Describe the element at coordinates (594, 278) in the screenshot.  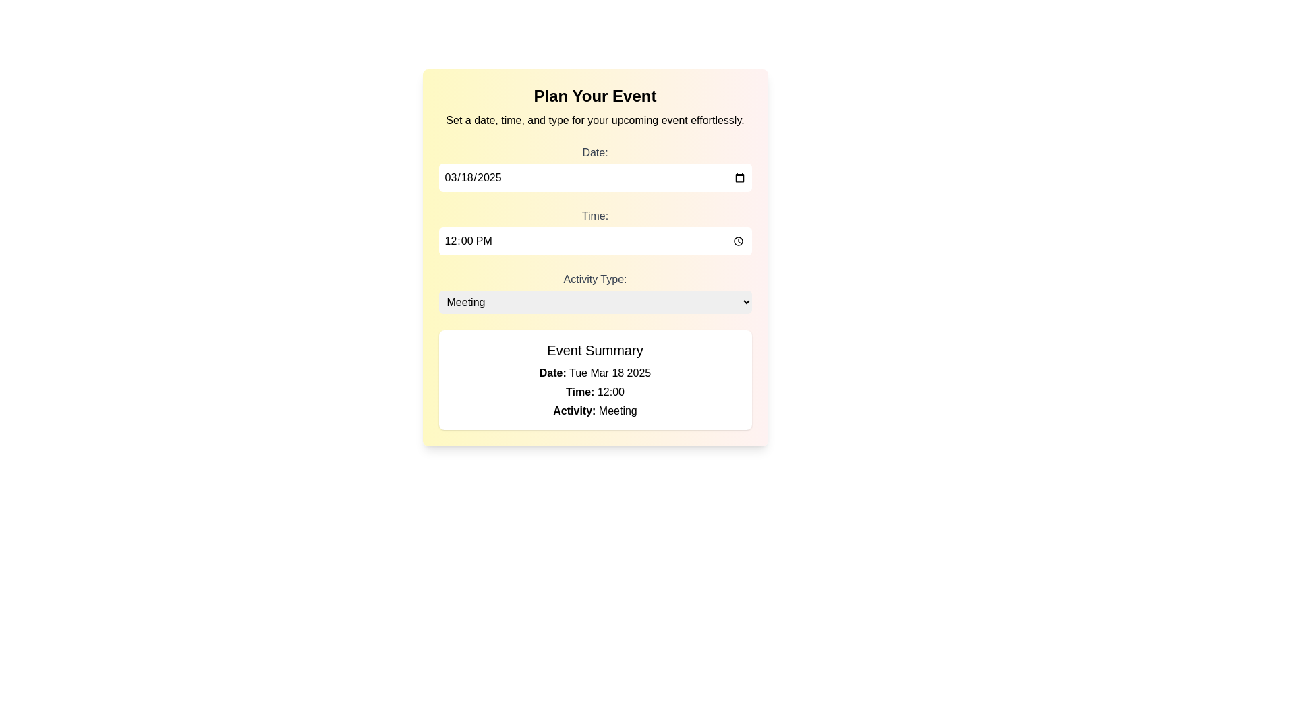
I see `the label that says 'Activity Type:' which is styled in gray and positioned above the dropdown menu for activity type selection` at that location.